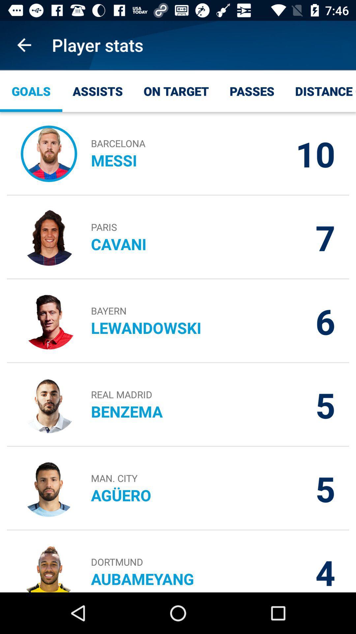 The width and height of the screenshot is (356, 634). What do you see at coordinates (24, 45) in the screenshot?
I see `icon next to player stats app` at bounding box center [24, 45].